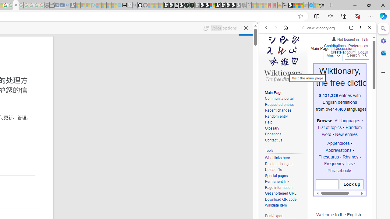 This screenshot has height=219, width=390. What do you see at coordinates (357, 55) in the screenshot?
I see `'Search Wiktionary'` at bounding box center [357, 55].